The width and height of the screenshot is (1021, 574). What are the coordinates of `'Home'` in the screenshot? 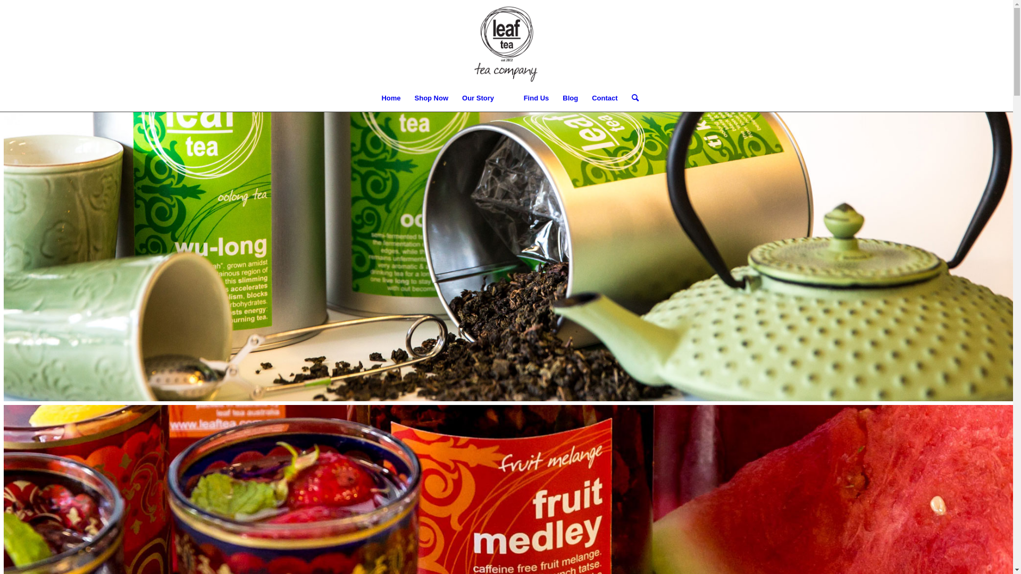 It's located at (390, 98).